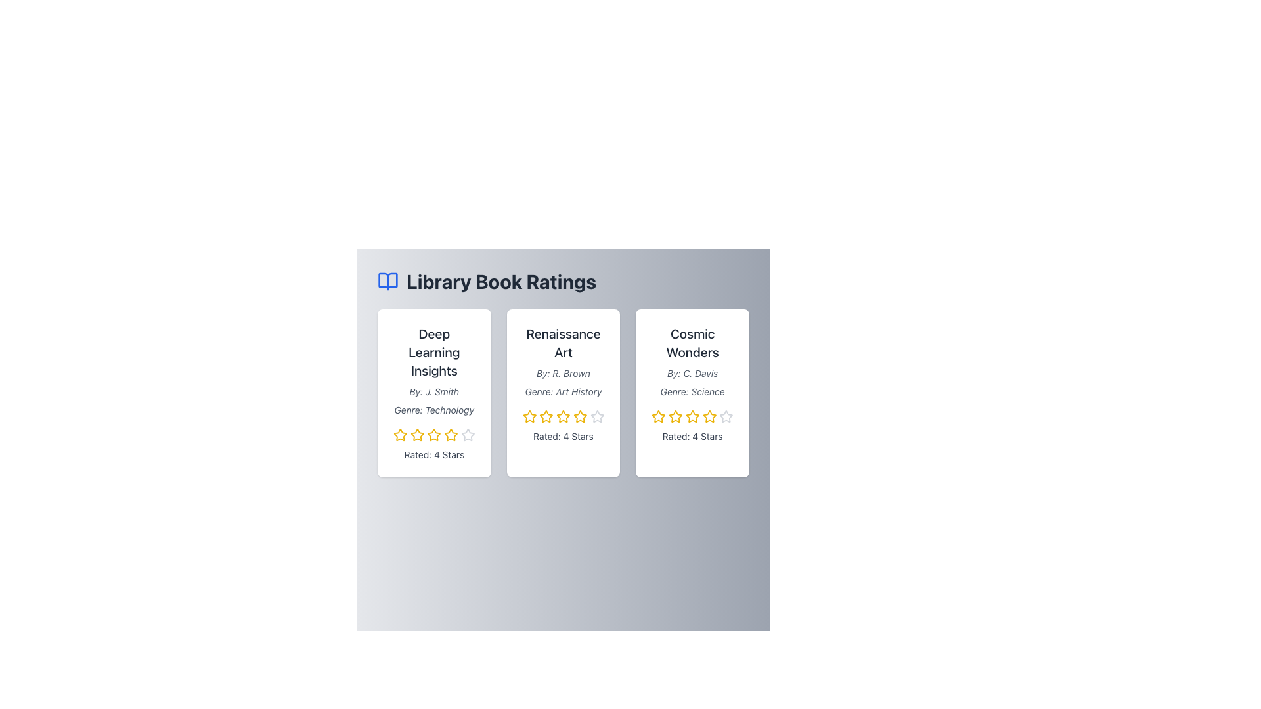 Image resolution: width=1261 pixels, height=709 pixels. What do you see at coordinates (675, 417) in the screenshot?
I see `the third yellow star-shaped icon used for rating functionality in the 'Cosmic Wonders' card` at bounding box center [675, 417].